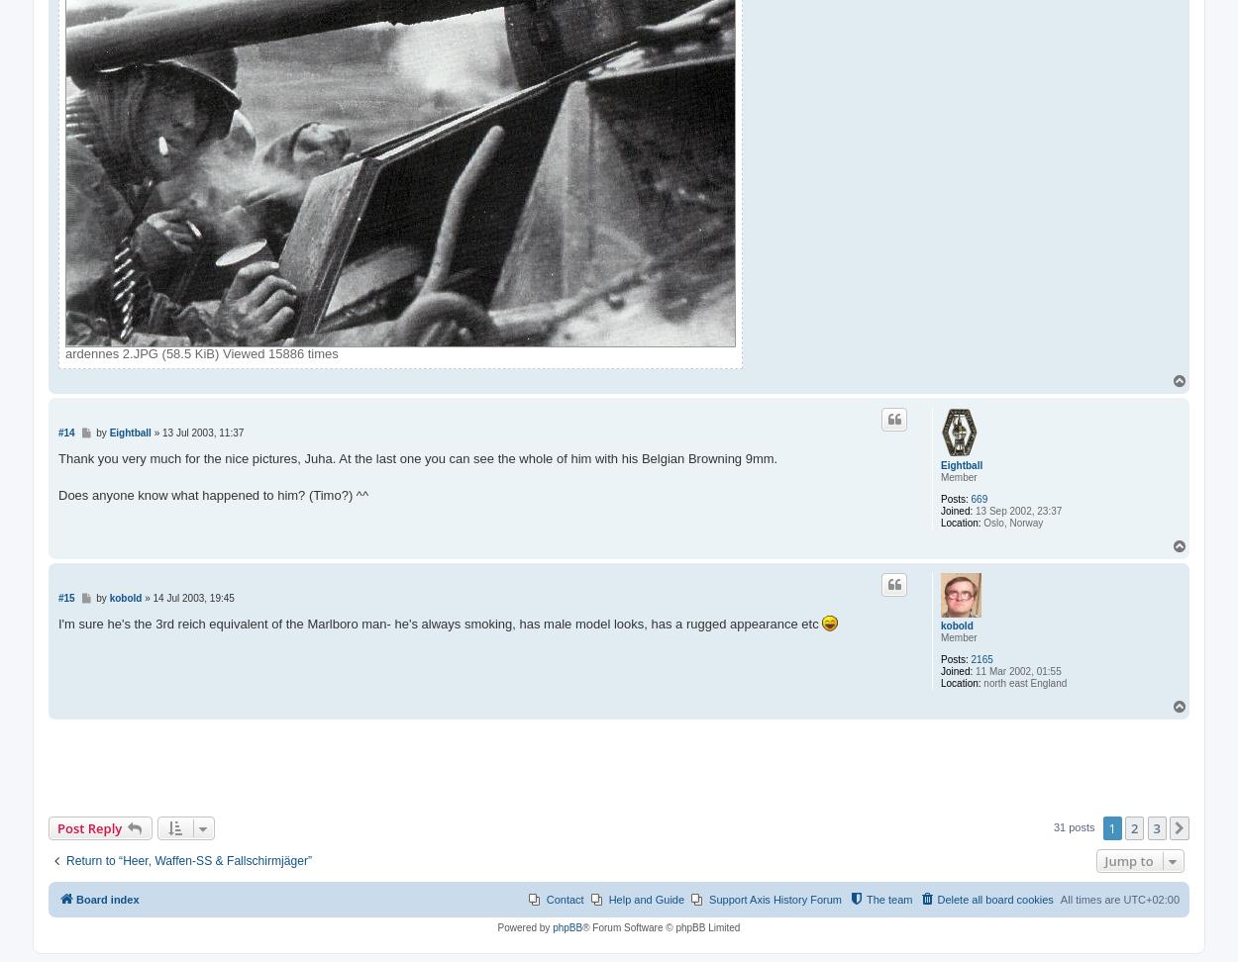 Image resolution: width=1238 pixels, height=962 pixels. What do you see at coordinates (75, 900) in the screenshot?
I see `'Board index'` at bounding box center [75, 900].